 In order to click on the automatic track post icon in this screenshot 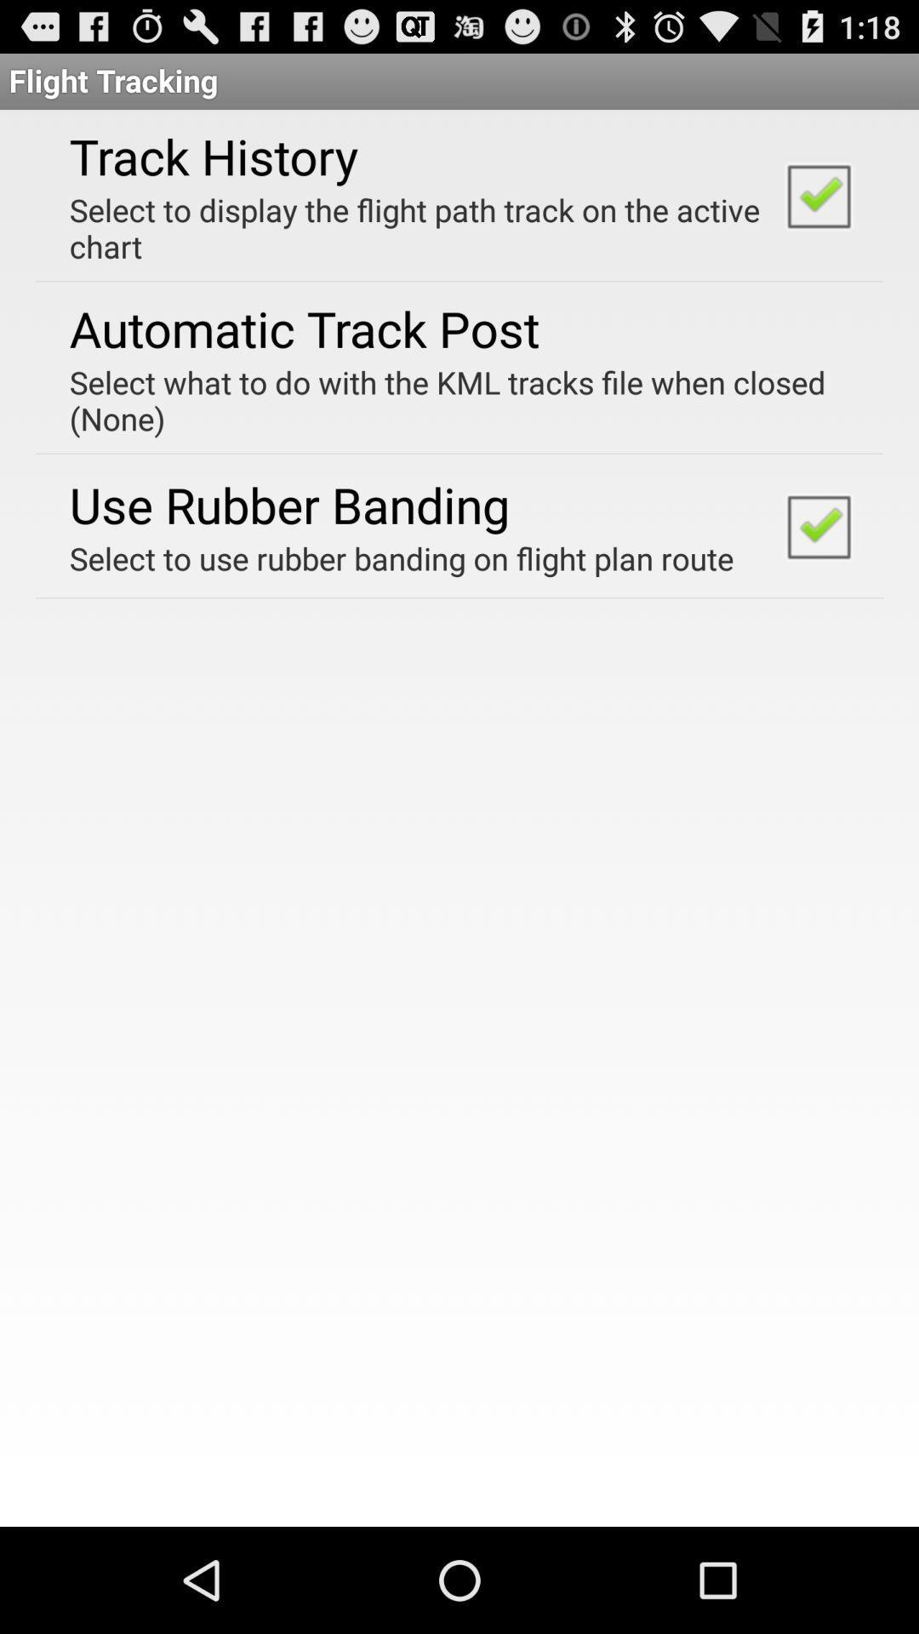, I will do `click(304, 328)`.